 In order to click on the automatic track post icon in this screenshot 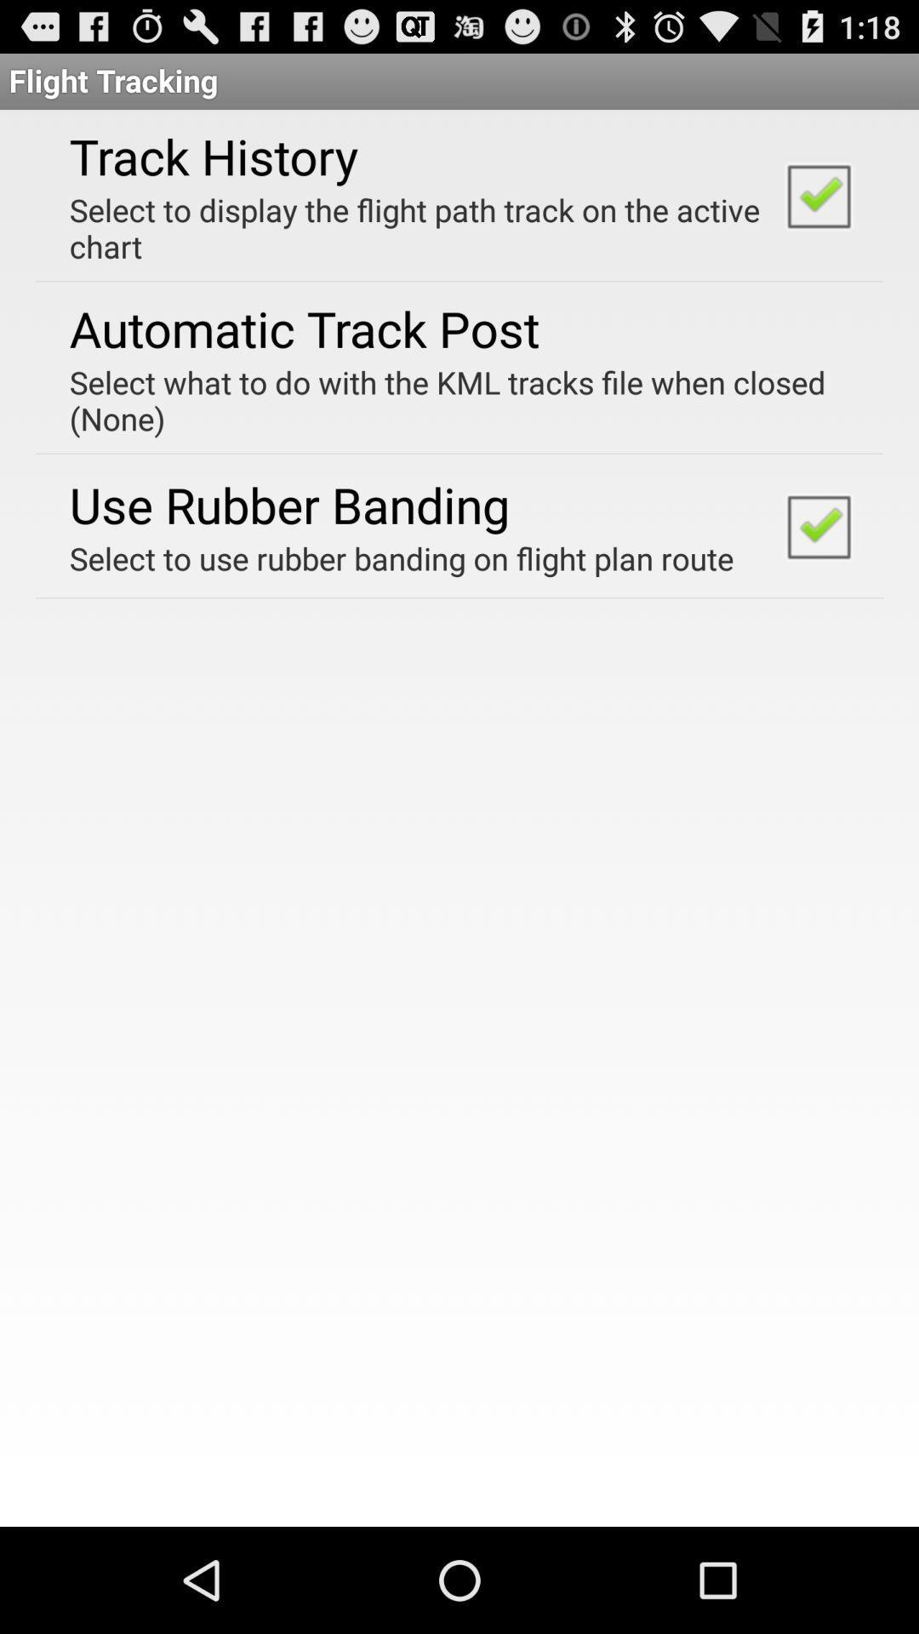, I will do `click(304, 328)`.